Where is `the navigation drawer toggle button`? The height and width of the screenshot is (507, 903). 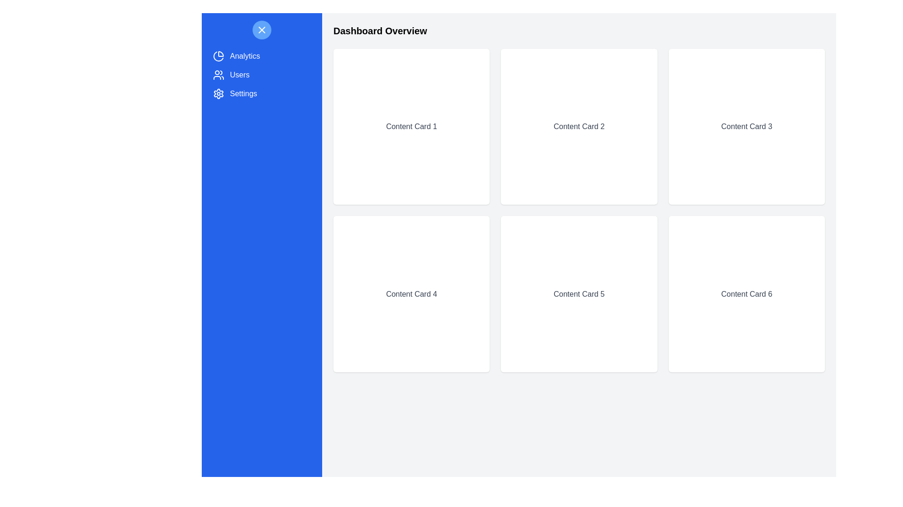 the navigation drawer toggle button is located at coordinates (261, 30).